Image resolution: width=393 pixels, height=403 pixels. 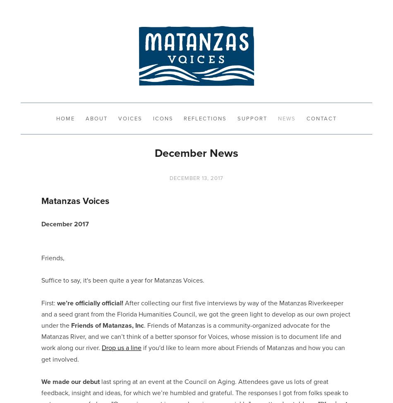 I want to click on 'Friends,', so click(x=41, y=257).